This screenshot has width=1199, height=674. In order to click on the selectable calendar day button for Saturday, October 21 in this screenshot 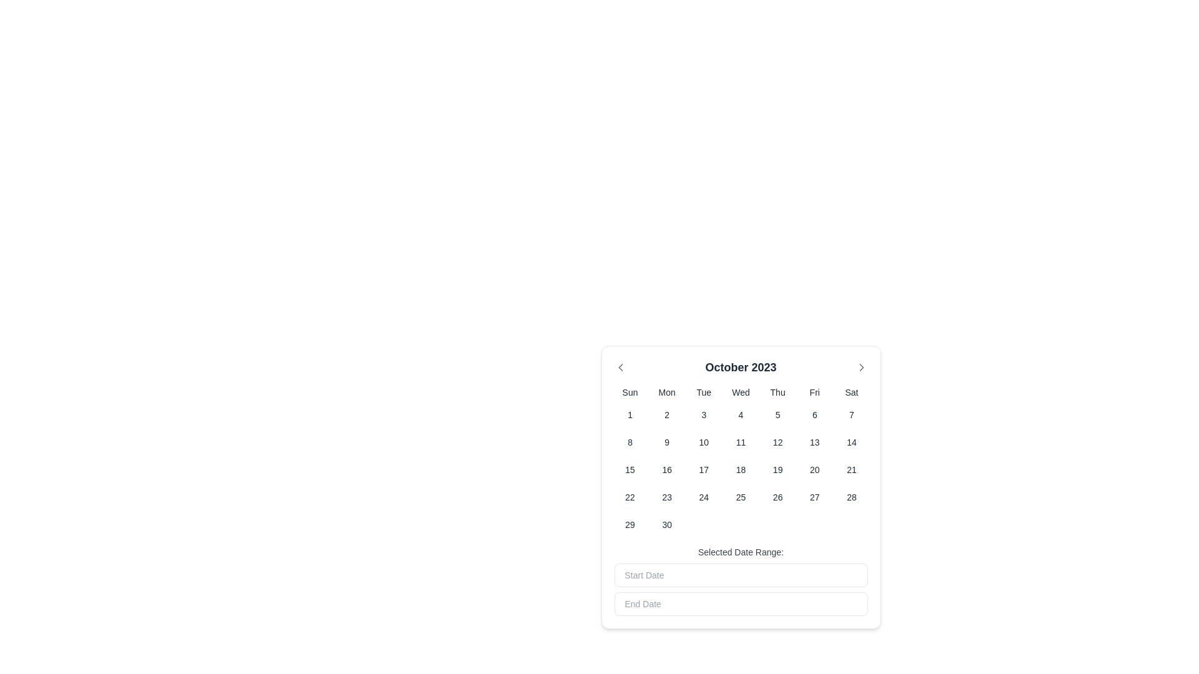, I will do `click(851, 469)`.